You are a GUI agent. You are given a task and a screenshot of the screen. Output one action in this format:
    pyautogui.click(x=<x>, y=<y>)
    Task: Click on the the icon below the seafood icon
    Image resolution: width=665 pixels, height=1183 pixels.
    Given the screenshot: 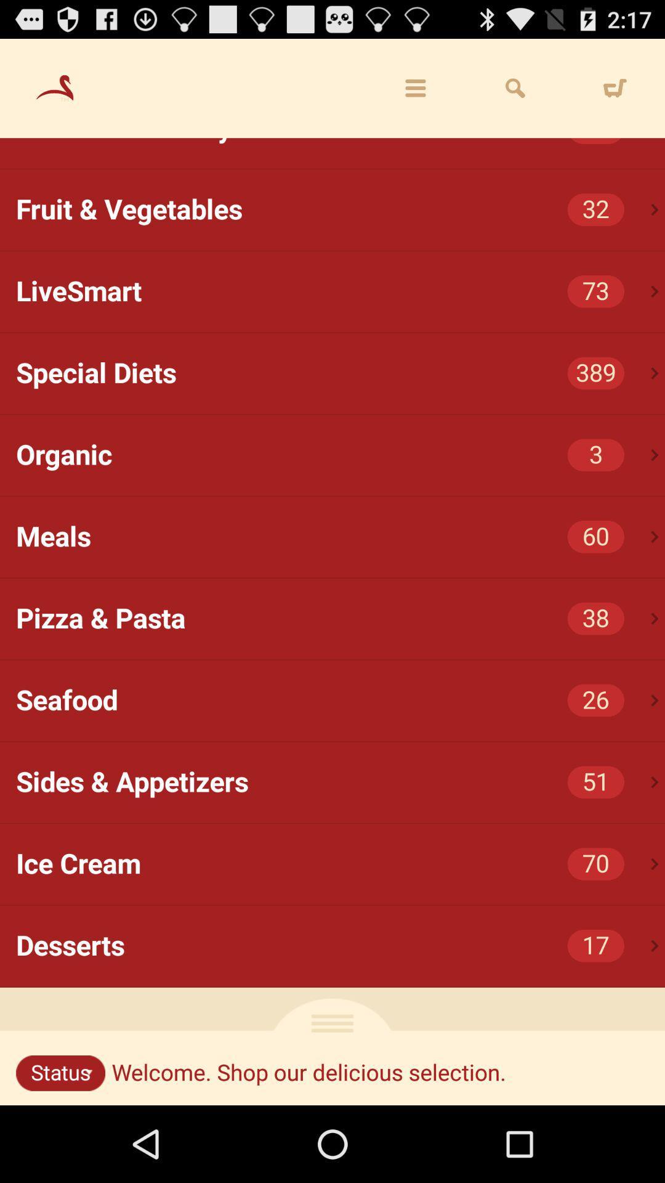 What is the action you would take?
    pyautogui.click(x=654, y=781)
    